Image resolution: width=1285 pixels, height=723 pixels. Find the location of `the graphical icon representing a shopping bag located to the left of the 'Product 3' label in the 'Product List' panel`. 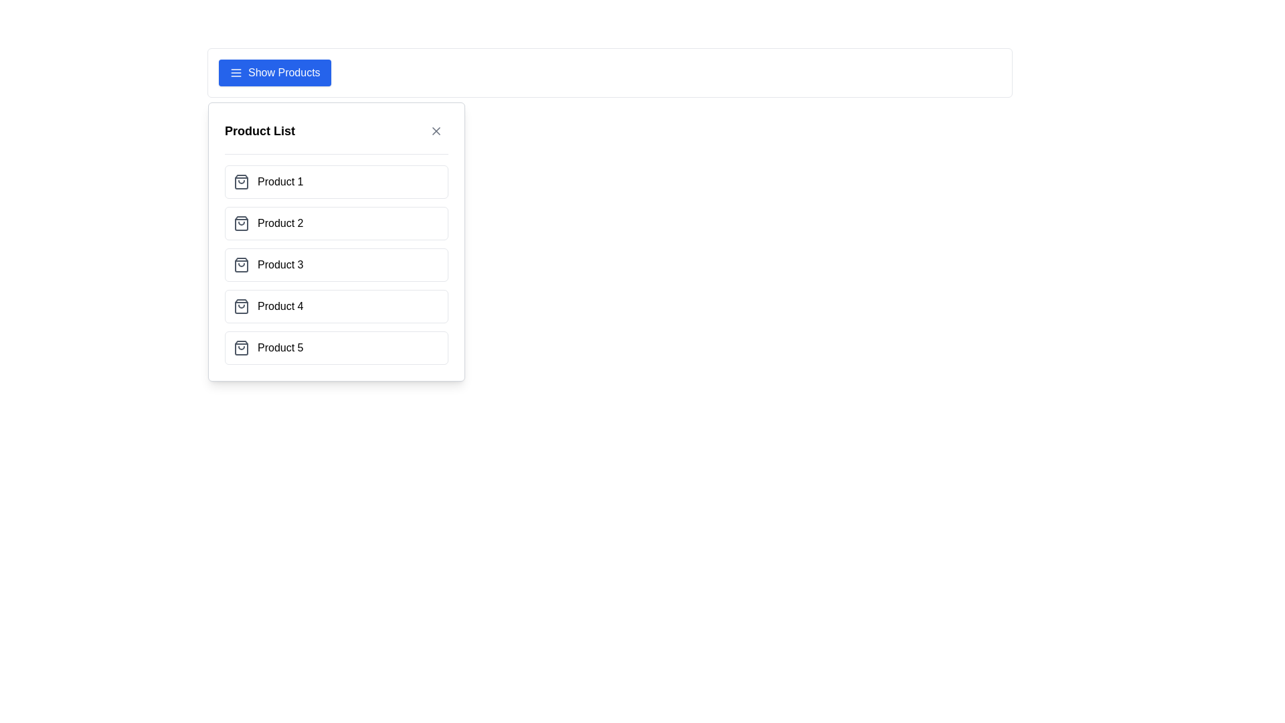

the graphical icon representing a shopping bag located to the left of the 'Product 3' label in the 'Product List' panel is located at coordinates (241, 265).